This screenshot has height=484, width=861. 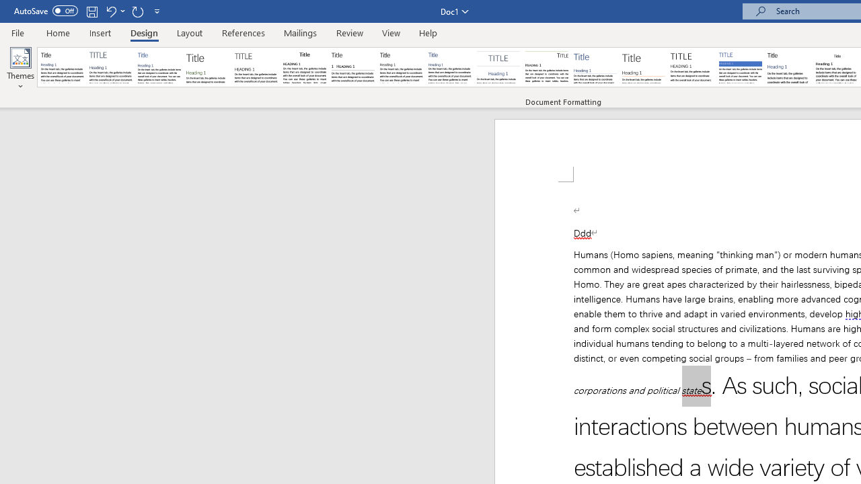 I want to click on 'Lines (Simple)', so click(x=595, y=67).